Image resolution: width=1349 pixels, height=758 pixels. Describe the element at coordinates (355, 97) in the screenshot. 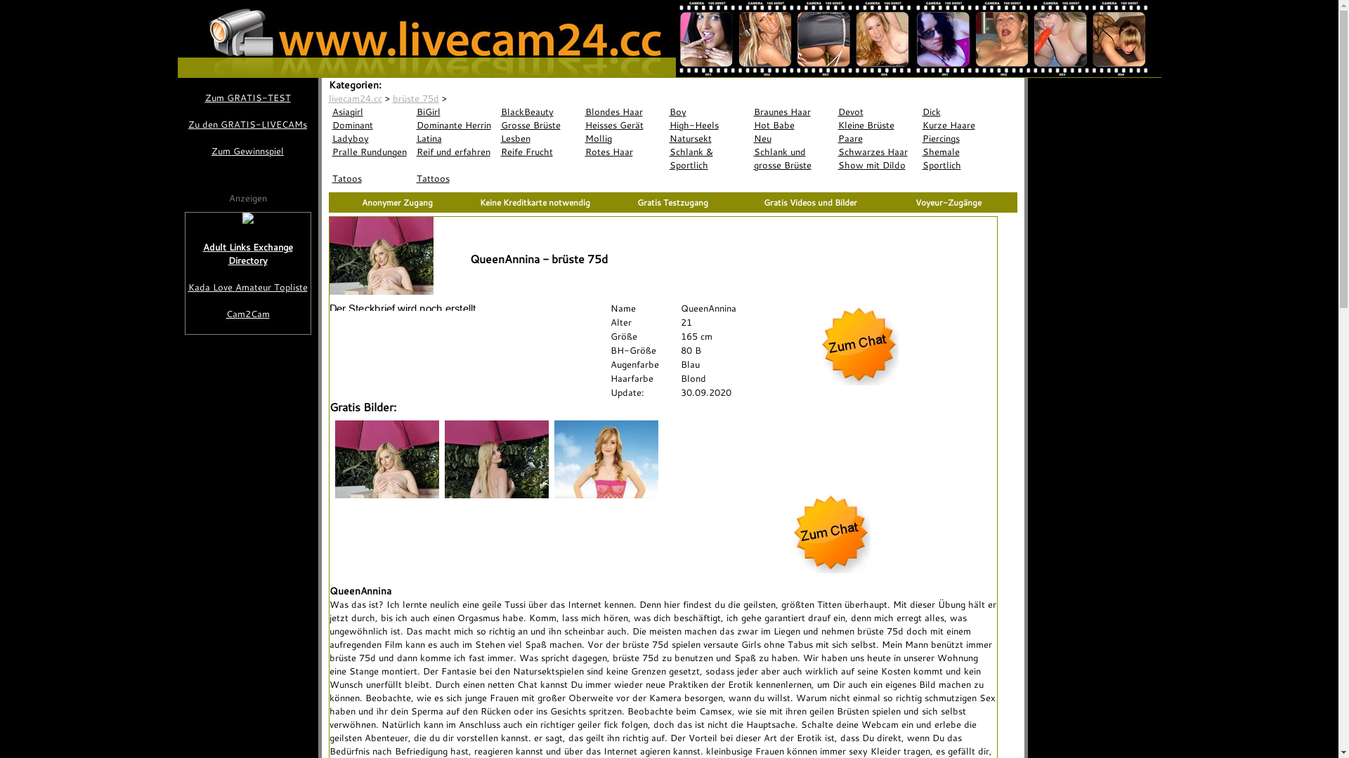

I see `'livecam24.cc'` at that location.